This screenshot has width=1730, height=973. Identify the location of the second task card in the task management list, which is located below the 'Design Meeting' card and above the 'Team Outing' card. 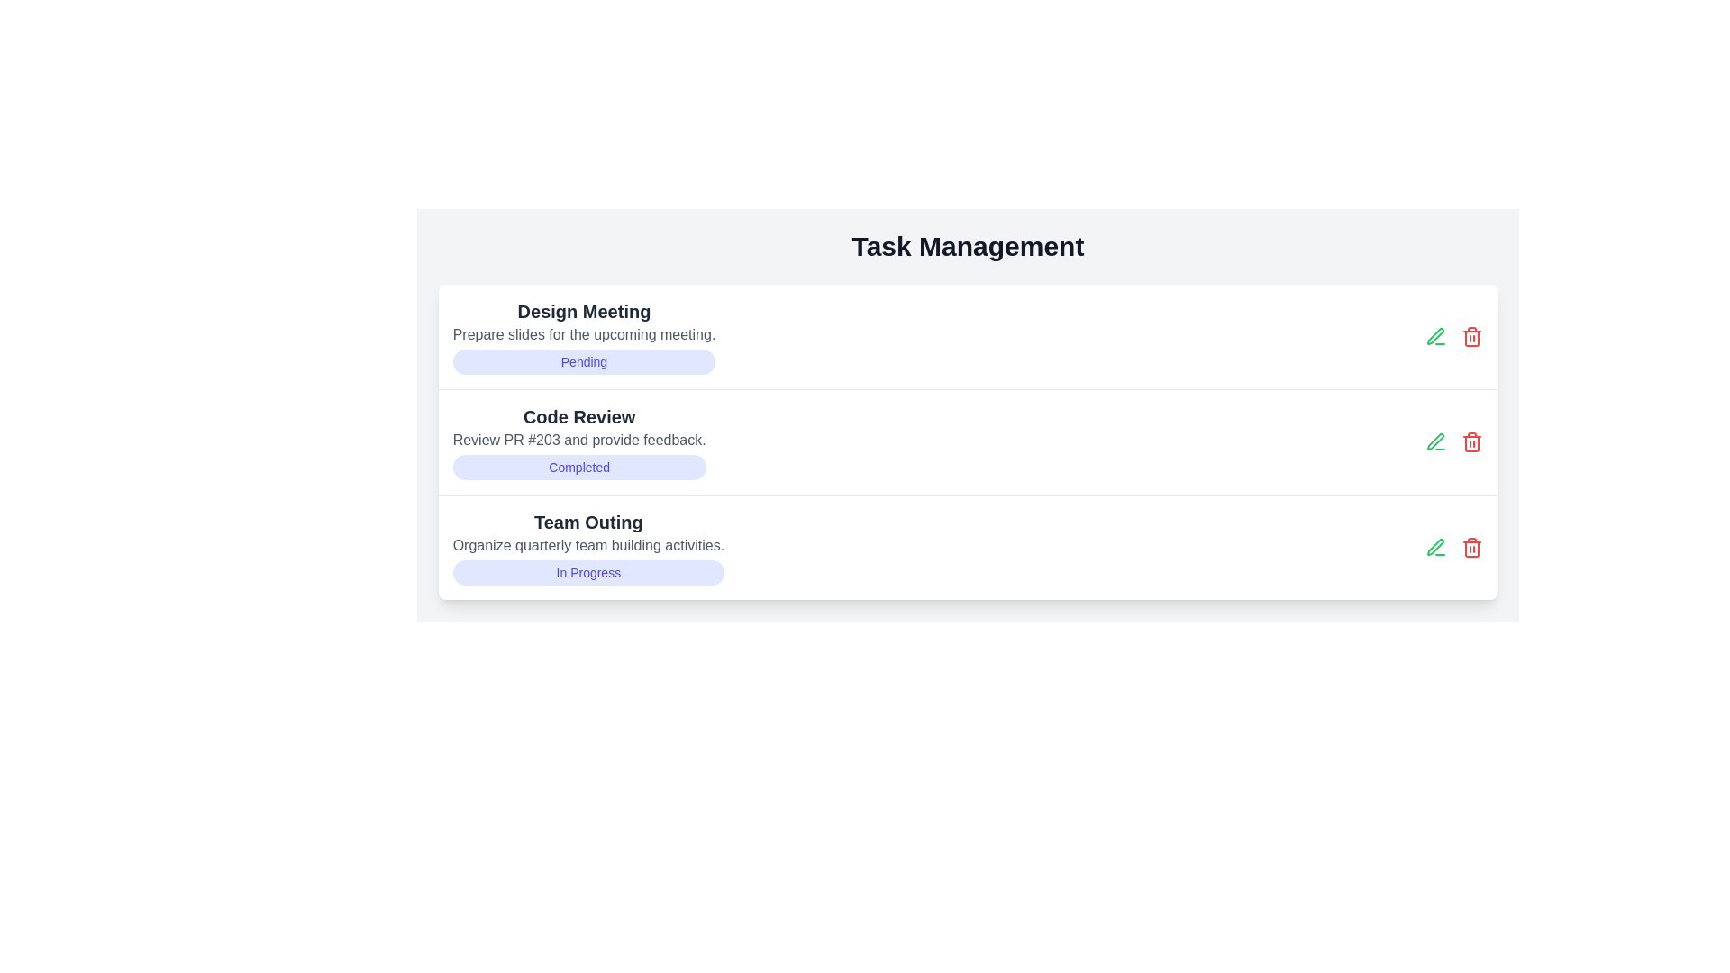
(579, 441).